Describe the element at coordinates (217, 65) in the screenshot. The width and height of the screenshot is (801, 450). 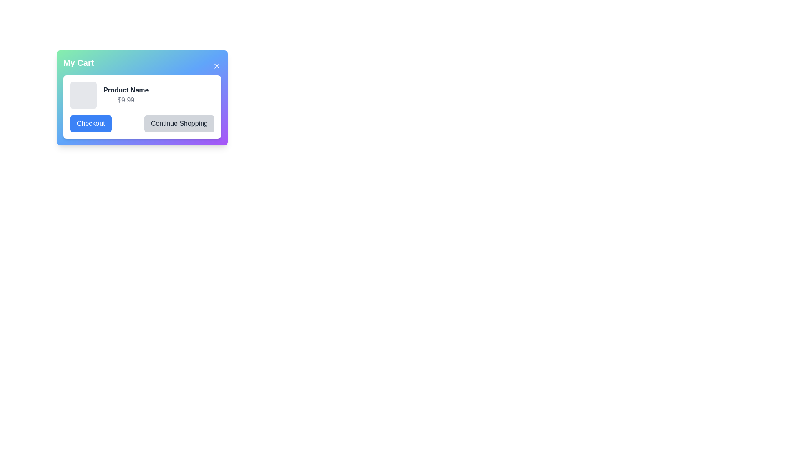
I see `the close button icon (cross symbol) at the top-right corner of the 'My Cart' modal to change its color to red` at that location.